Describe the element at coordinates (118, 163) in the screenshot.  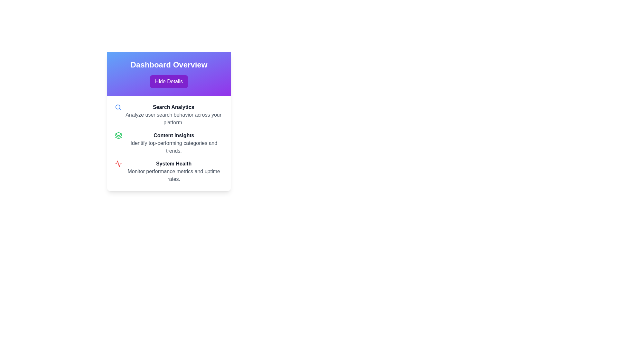
I see `the system performance and health monitoring icon located at the beginning of the 'System Health' row, directly to the left of the text 'System Health'` at that location.